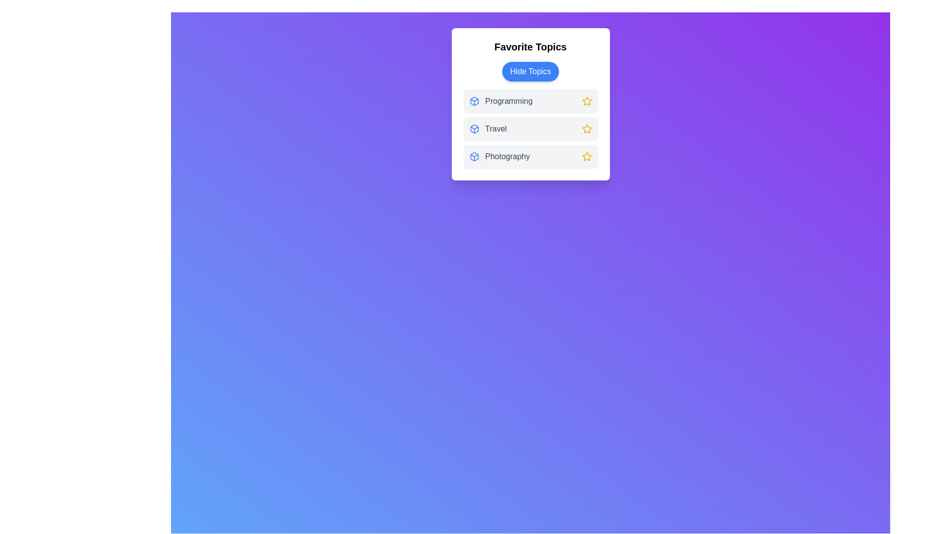 This screenshot has height=534, width=949. I want to click on the blue rounded button labeled 'Hide Topics' located below the 'Favorite Topics' title to hide the list, so click(530, 71).